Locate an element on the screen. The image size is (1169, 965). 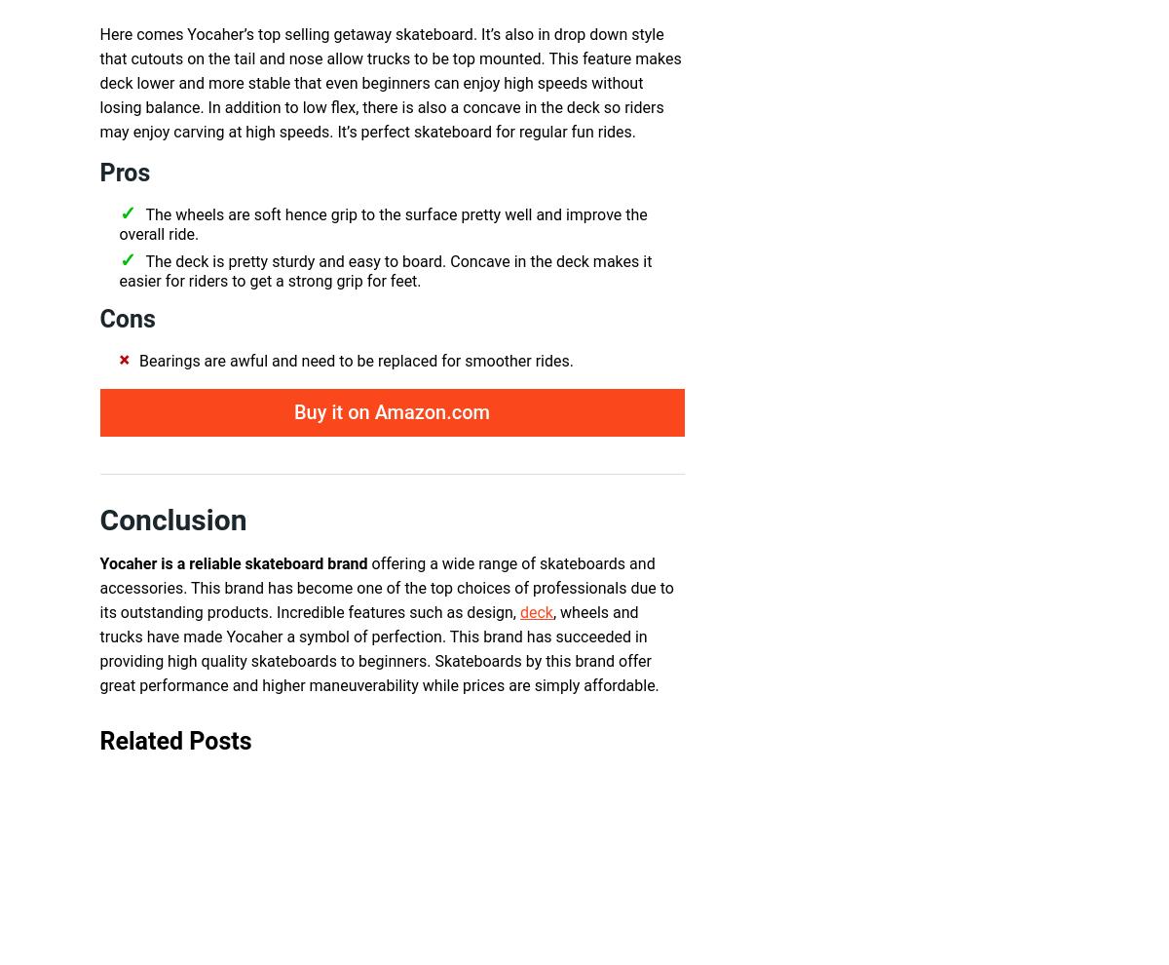
'Yocaher is a reliable skateboard brand' is located at coordinates (232, 563).